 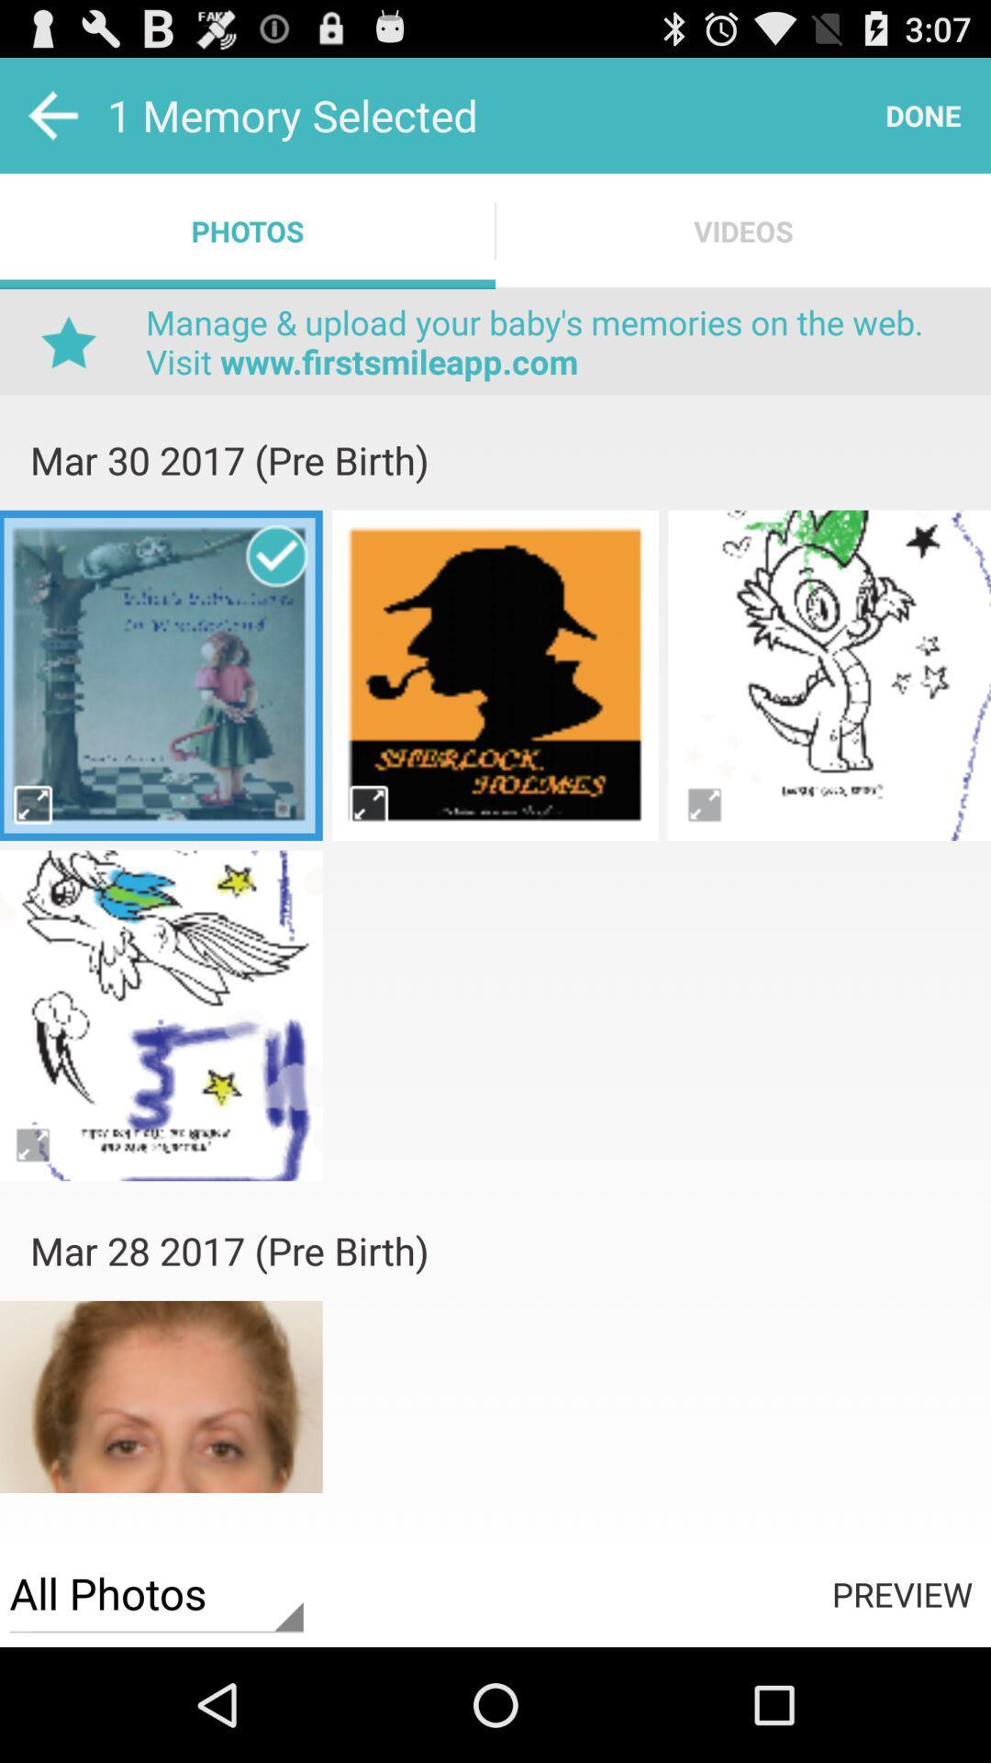 What do you see at coordinates (34, 1143) in the screenshot?
I see `zoom in` at bounding box center [34, 1143].